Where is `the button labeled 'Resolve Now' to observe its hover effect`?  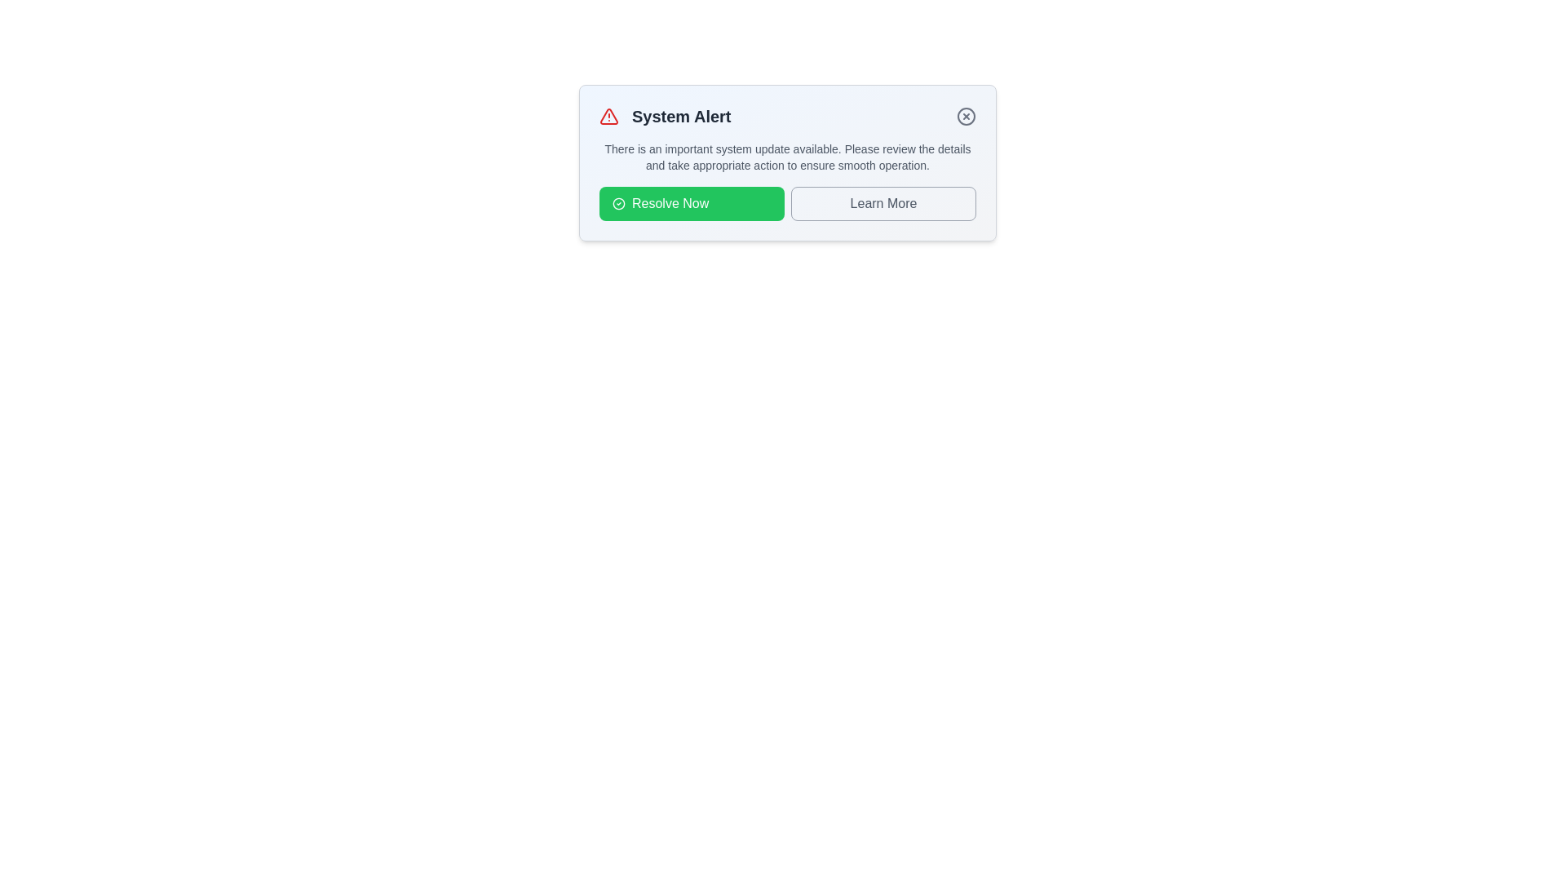
the button labeled 'Resolve Now' to observe its hover effect is located at coordinates (692, 203).